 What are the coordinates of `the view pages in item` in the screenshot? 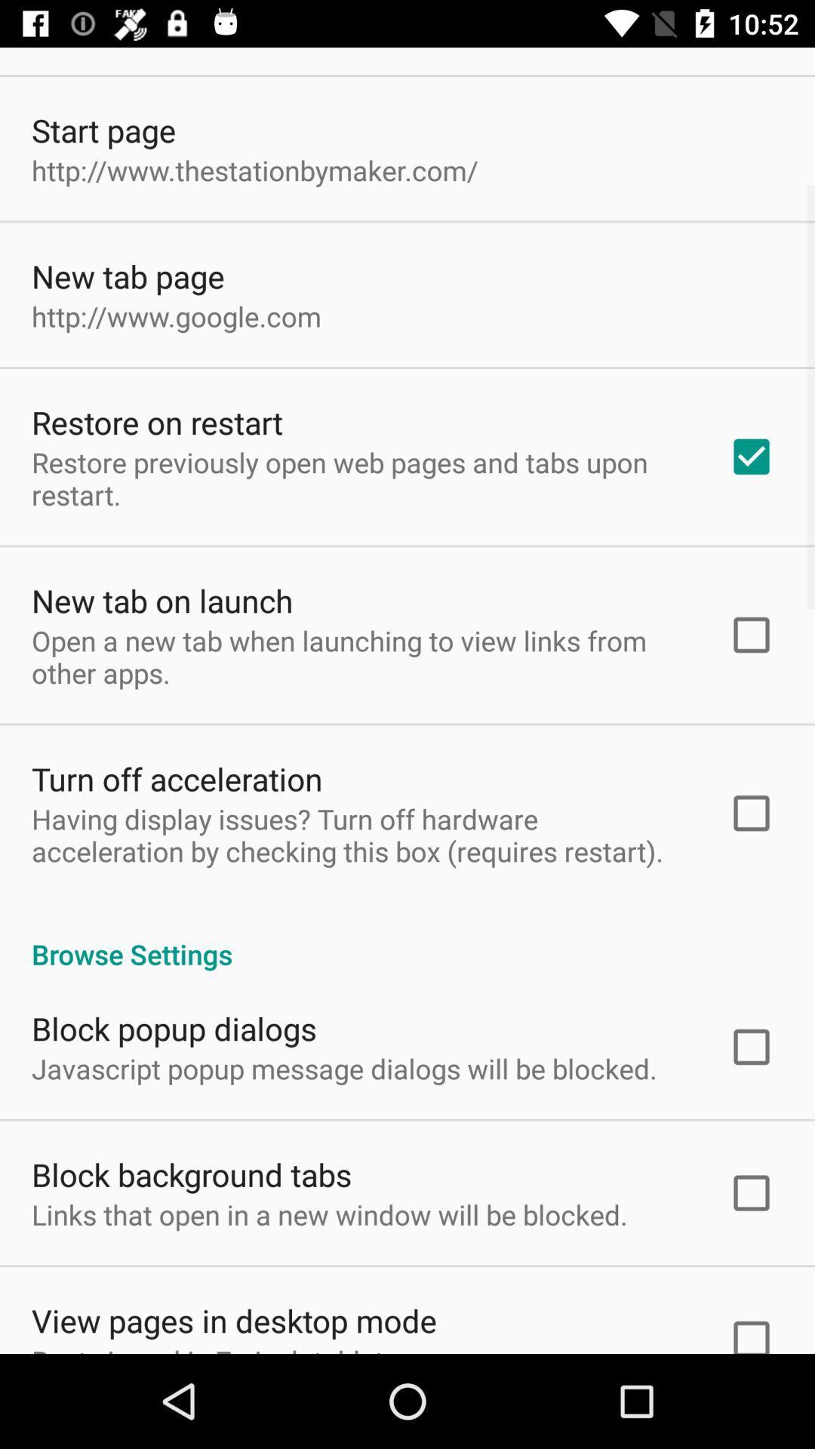 It's located at (234, 1319).